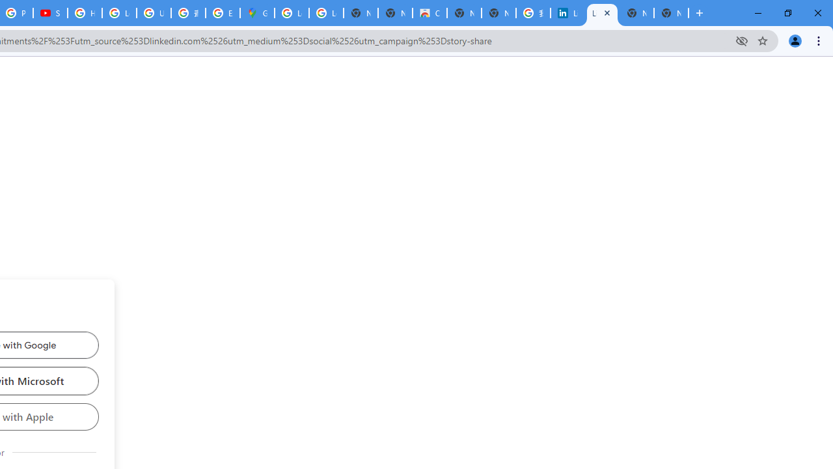 The width and height of the screenshot is (833, 469). Describe the element at coordinates (567, 13) in the screenshot. I see `'LinkedIn Login, Sign in | LinkedIn'` at that location.